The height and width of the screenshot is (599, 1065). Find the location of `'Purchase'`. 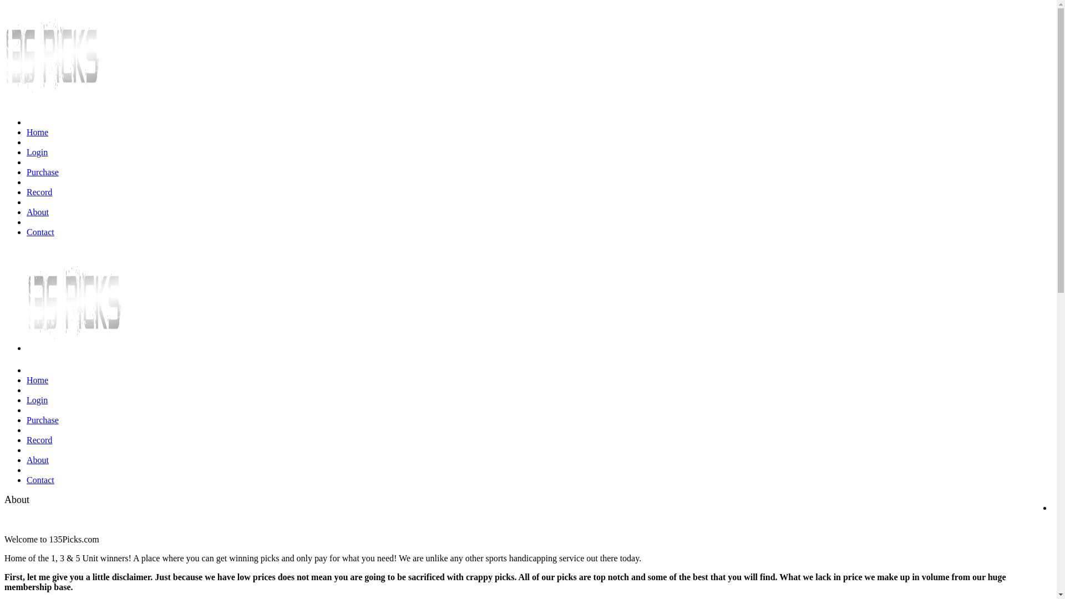

'Purchase' is located at coordinates (42, 172).